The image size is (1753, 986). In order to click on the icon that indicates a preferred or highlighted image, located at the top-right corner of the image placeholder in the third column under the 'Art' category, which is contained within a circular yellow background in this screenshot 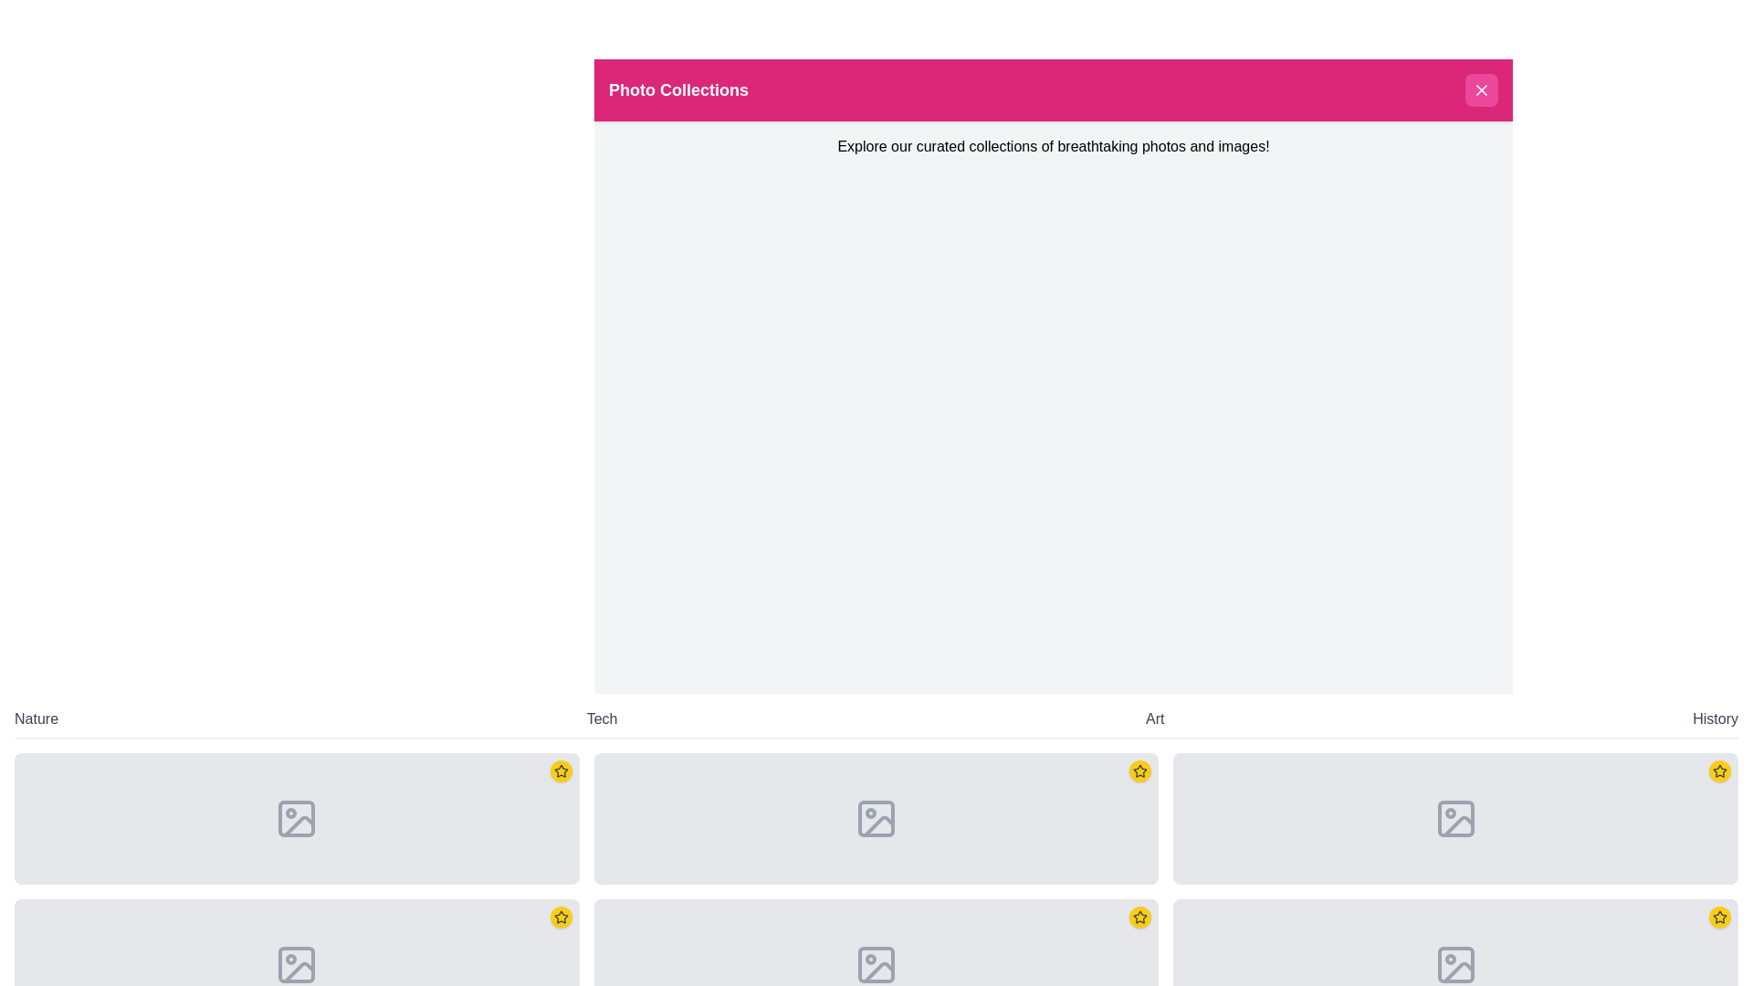, I will do `click(1139, 918)`.